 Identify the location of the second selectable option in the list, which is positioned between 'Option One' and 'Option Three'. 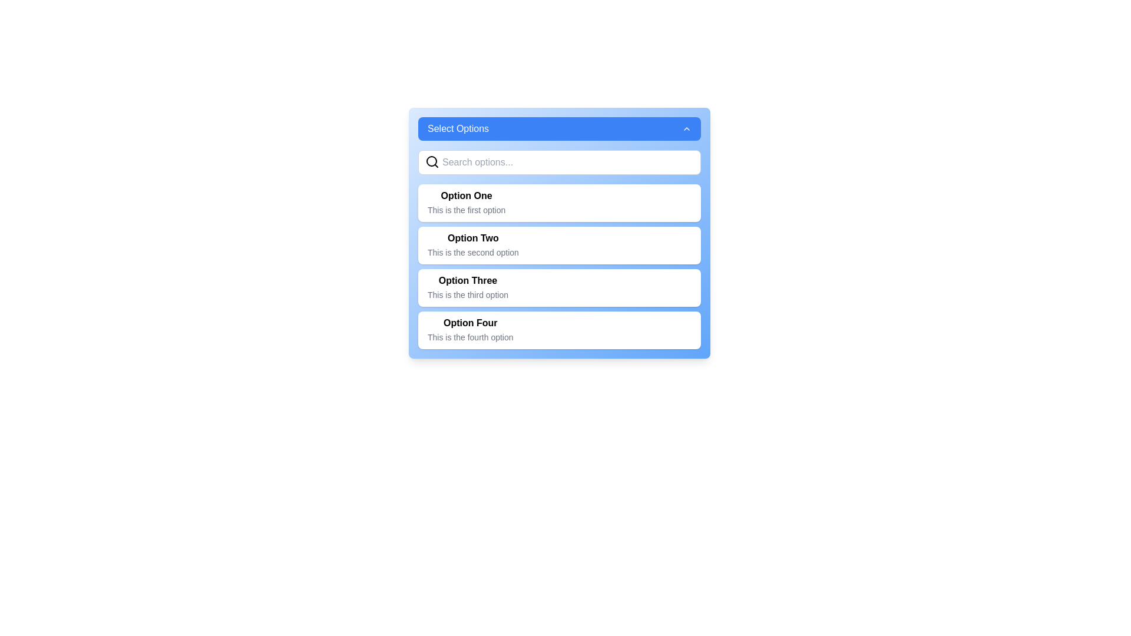
(559, 233).